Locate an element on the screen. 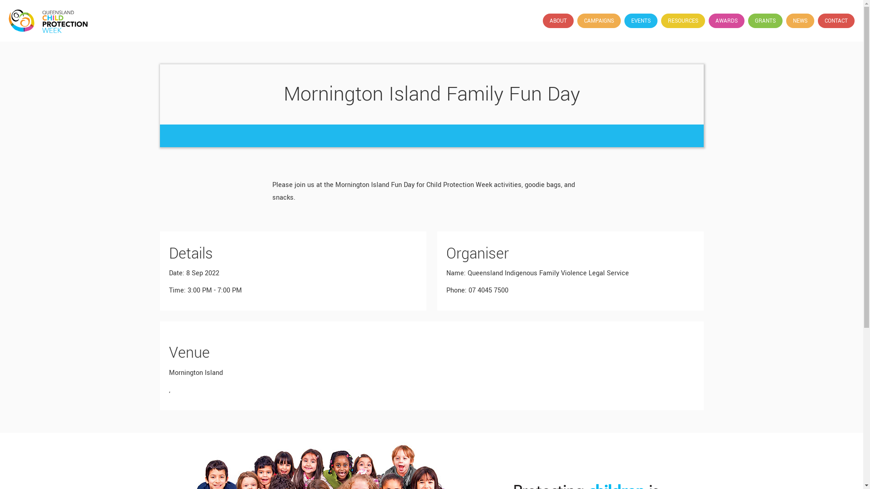 The width and height of the screenshot is (870, 489). 'CAMPAIGNS' is located at coordinates (599, 20).